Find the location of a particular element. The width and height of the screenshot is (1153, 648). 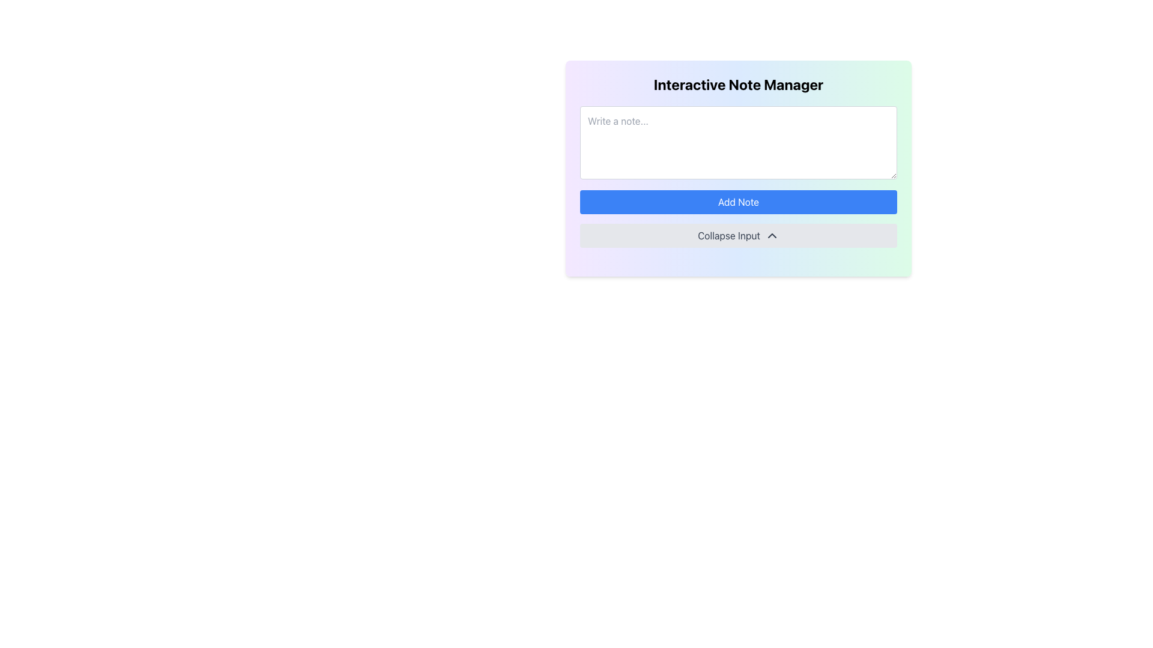

text within the rectangular text input field that has a soft gray border and rounded corners, featuring the placeholder 'Write a note...' in the 'Interactive Note Manager' interface is located at coordinates (737, 142).